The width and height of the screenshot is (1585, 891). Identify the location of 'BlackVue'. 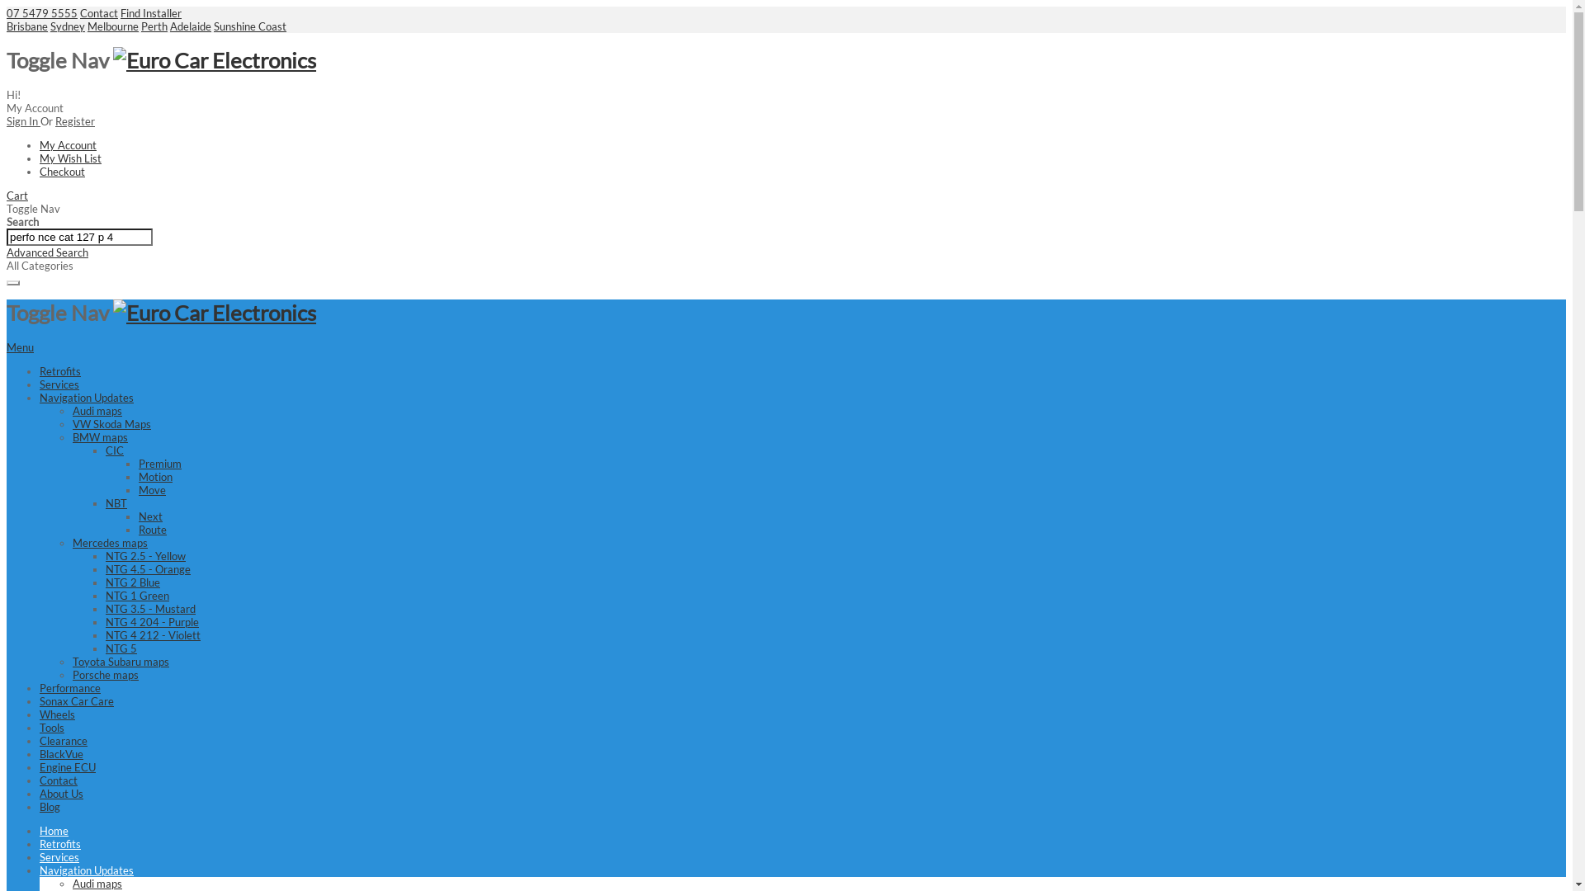
(61, 754).